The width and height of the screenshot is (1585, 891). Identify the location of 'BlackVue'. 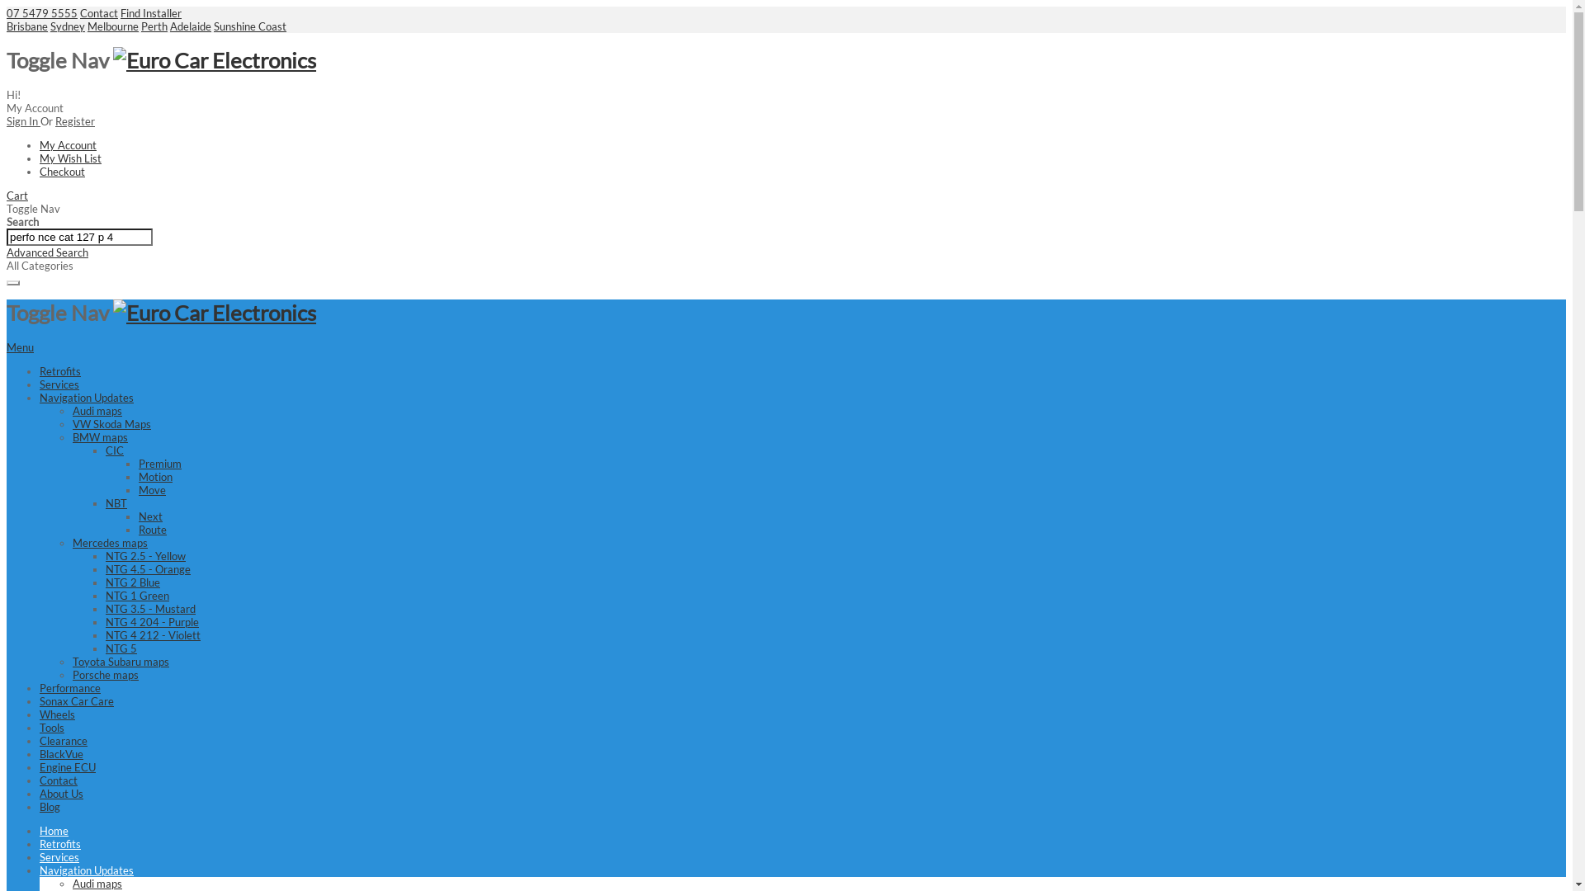
(61, 754).